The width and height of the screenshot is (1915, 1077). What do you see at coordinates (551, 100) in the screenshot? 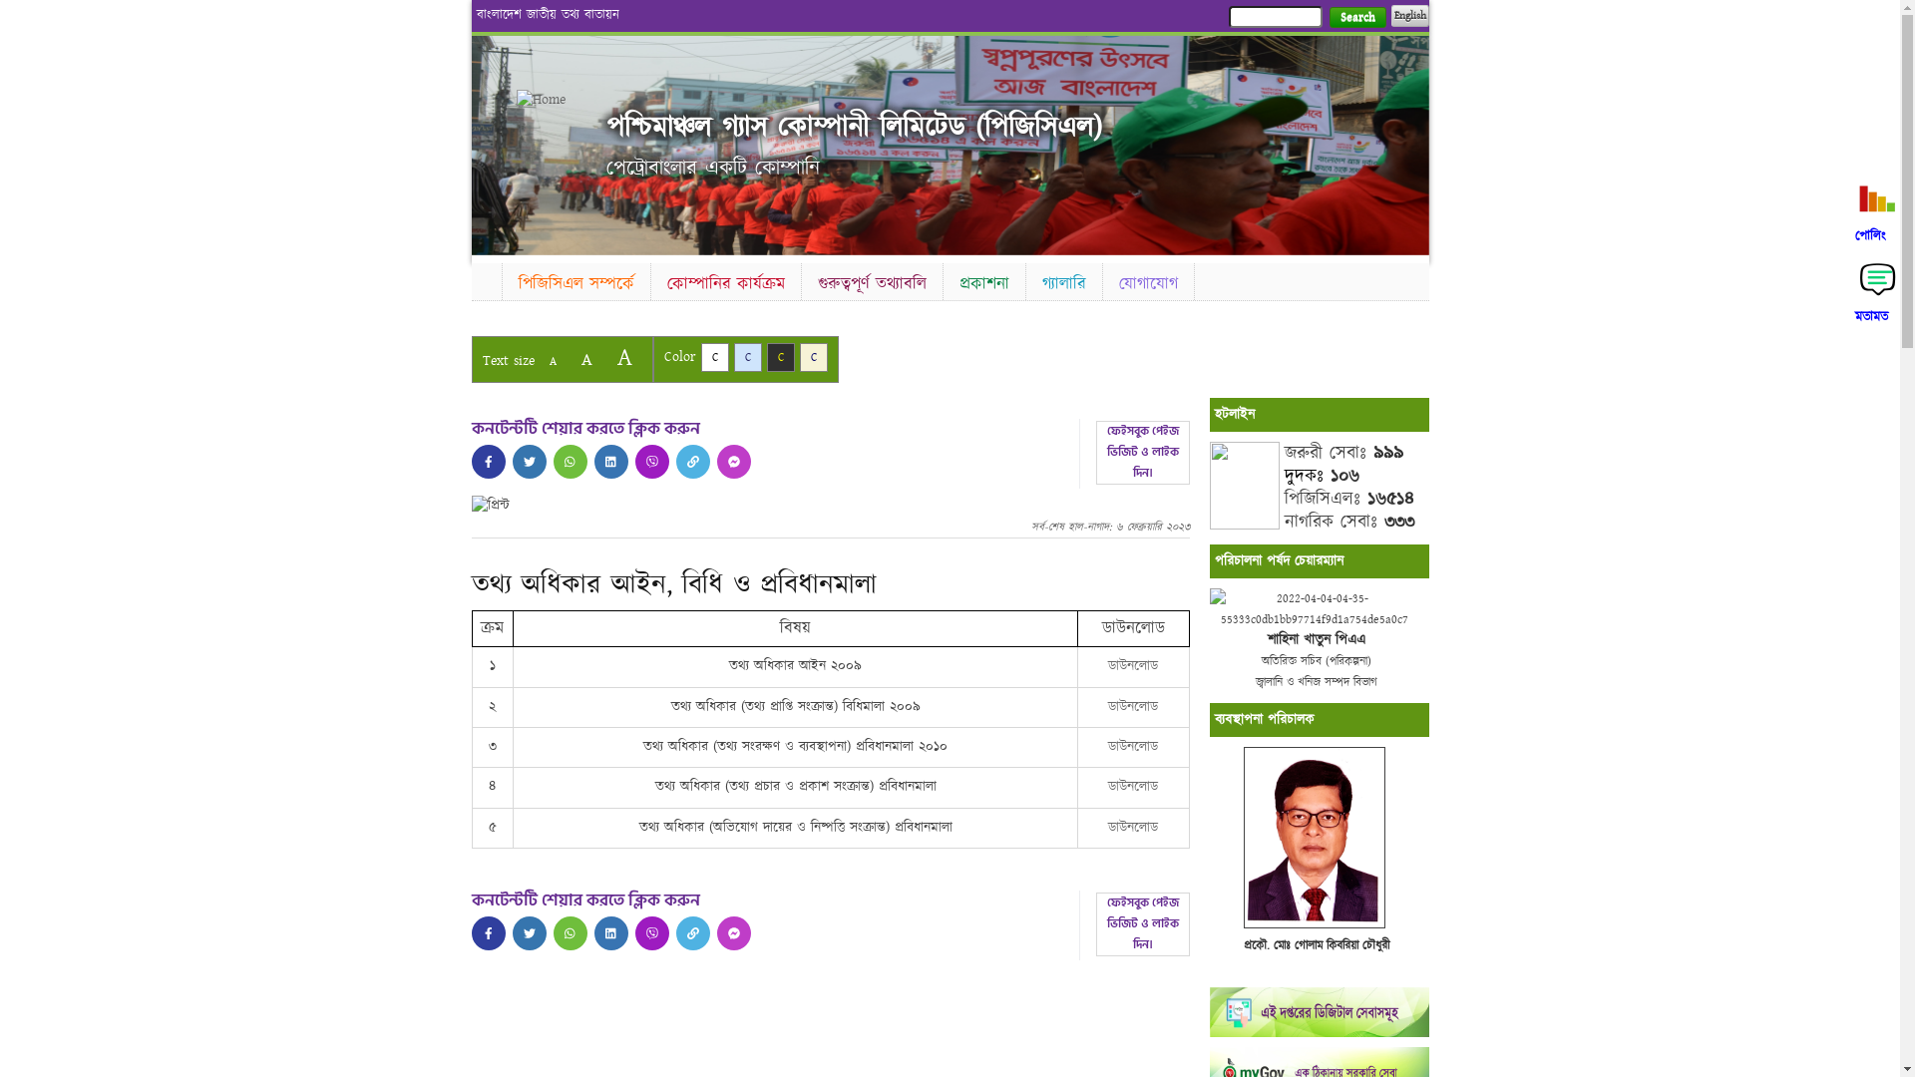
I see `'Home'` at bounding box center [551, 100].